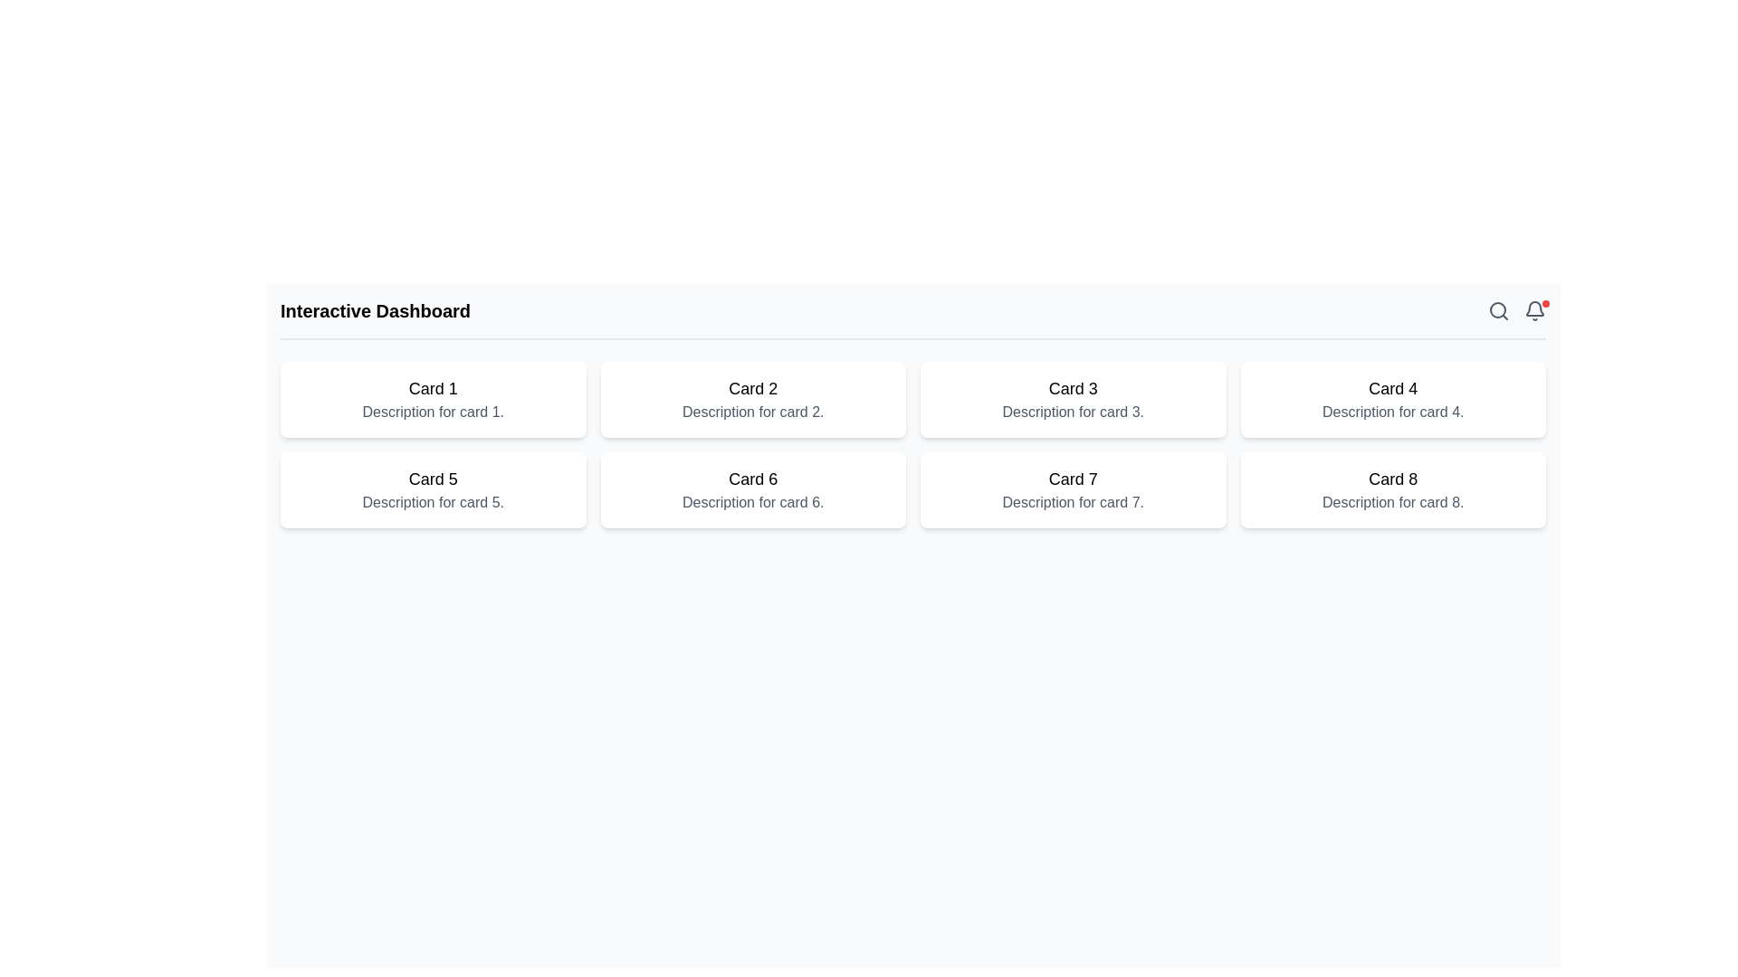  Describe the element at coordinates (1073, 490) in the screenshot. I see `the card located in the second row and third column of the grid layout` at that location.